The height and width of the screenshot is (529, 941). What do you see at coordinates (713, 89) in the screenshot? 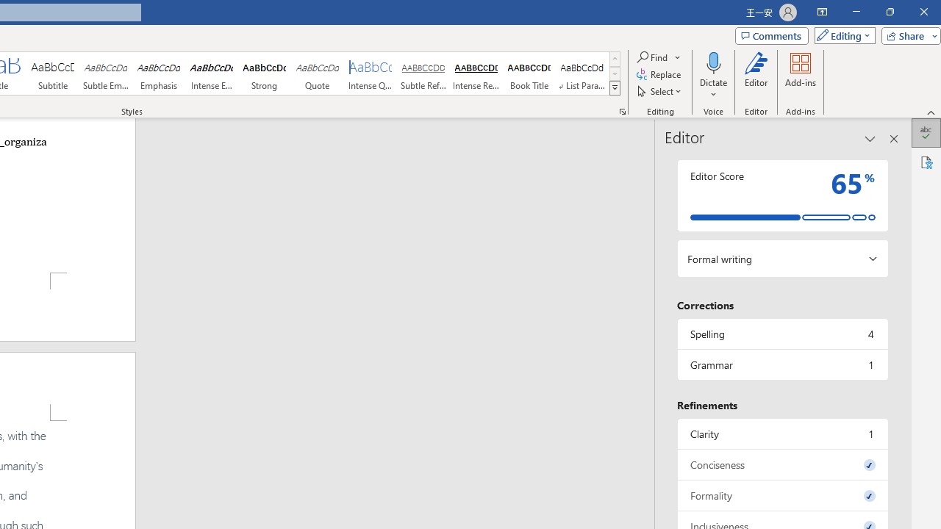
I see `'More Options'` at bounding box center [713, 89].